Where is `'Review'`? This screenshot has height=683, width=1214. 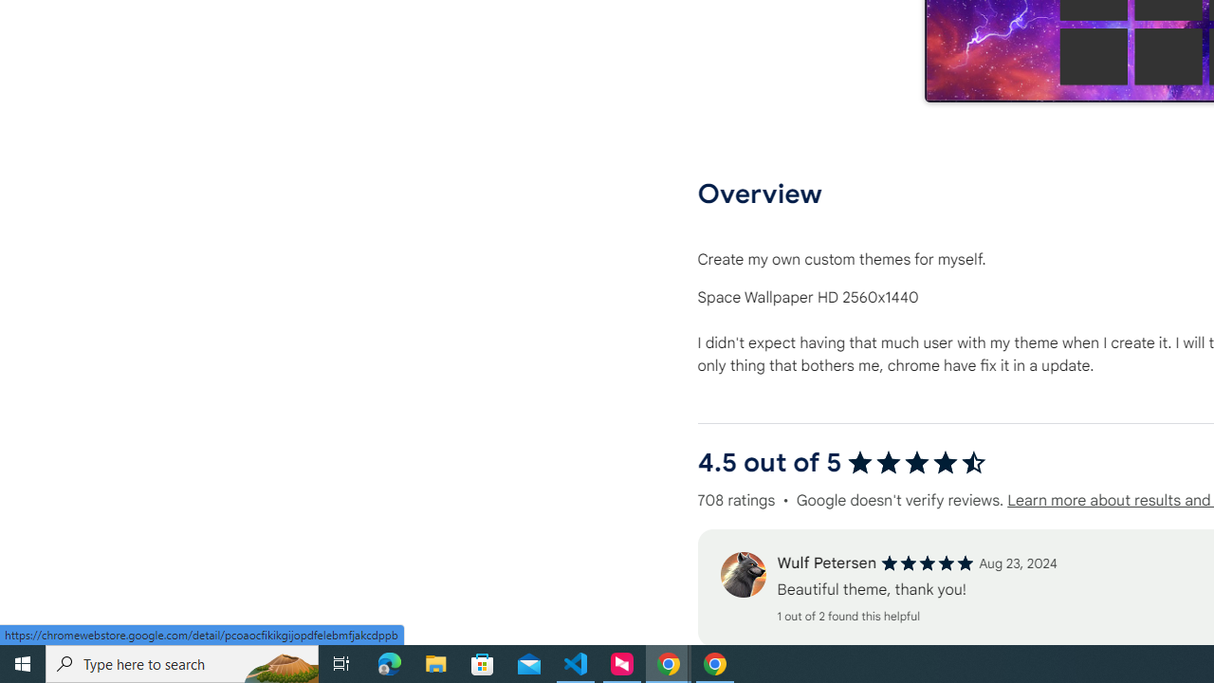
'Review' is located at coordinates (742, 574).